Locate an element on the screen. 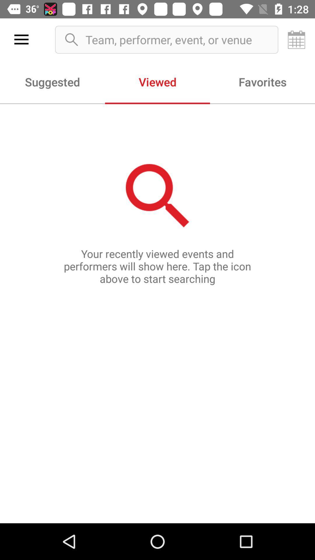 This screenshot has height=560, width=315. the item next to team performer event icon is located at coordinates (297, 39).